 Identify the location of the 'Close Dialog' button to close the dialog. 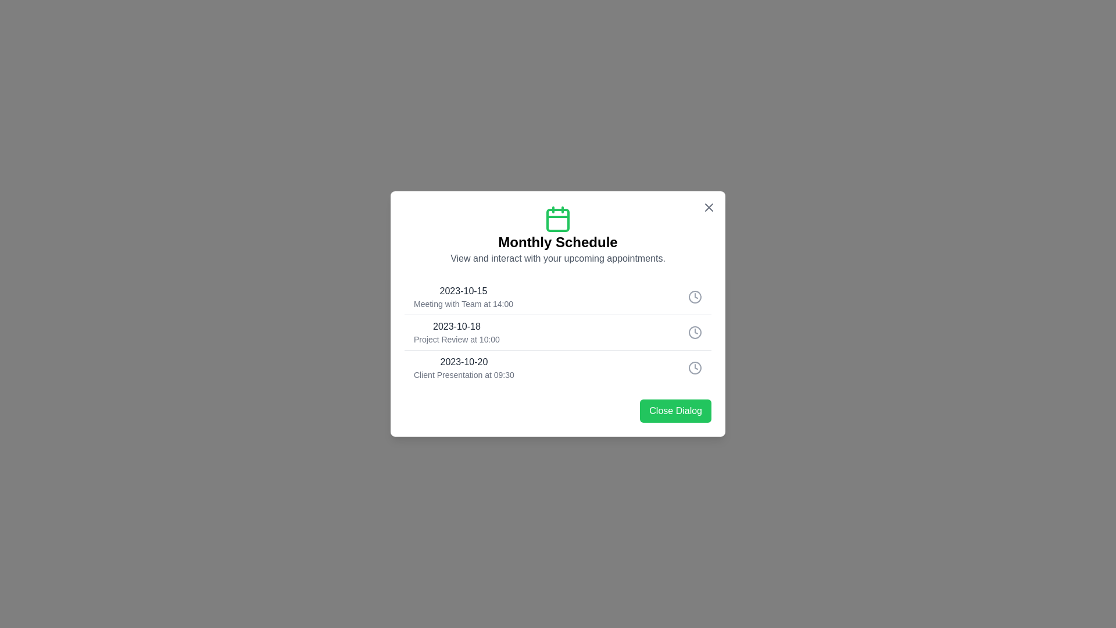
(675, 410).